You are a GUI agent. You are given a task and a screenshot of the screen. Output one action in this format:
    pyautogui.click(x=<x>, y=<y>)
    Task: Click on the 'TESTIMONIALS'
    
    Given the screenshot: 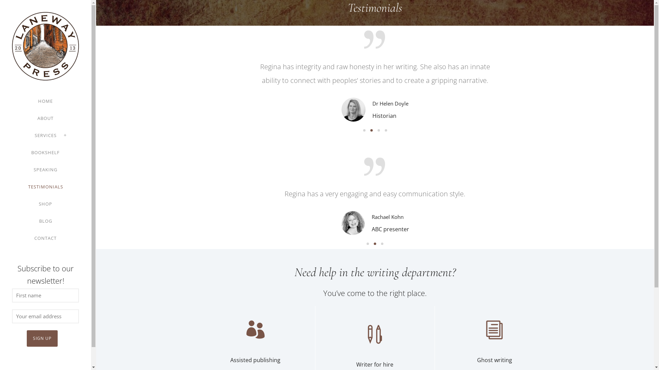 What is the action you would take?
    pyautogui.click(x=45, y=186)
    